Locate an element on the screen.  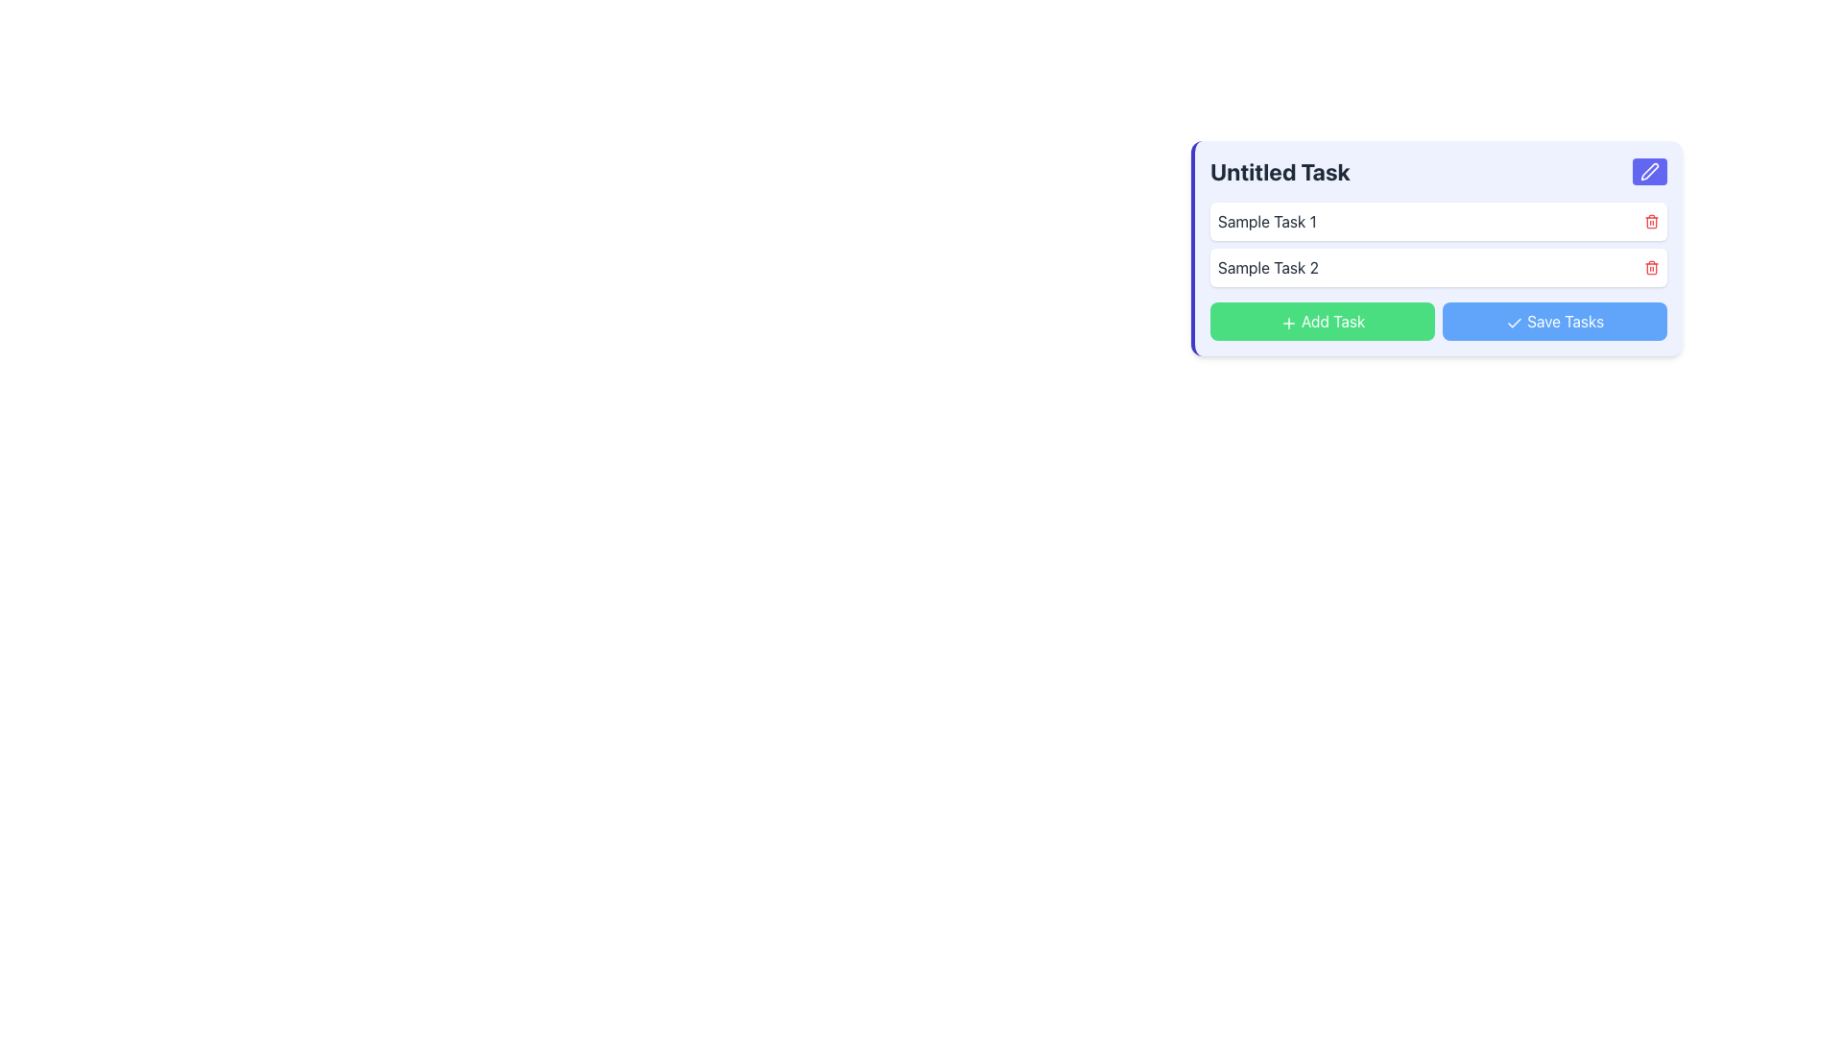
static text label displaying 'Sample Task 1' which is styled in dark gray on a white background is located at coordinates (1267, 221).